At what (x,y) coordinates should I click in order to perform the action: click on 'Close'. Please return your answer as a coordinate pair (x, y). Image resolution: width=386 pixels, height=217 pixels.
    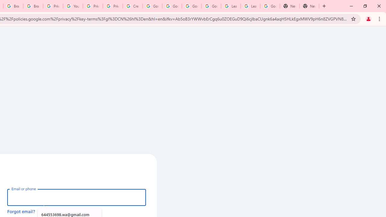
    Looking at the image, I should click on (378, 6).